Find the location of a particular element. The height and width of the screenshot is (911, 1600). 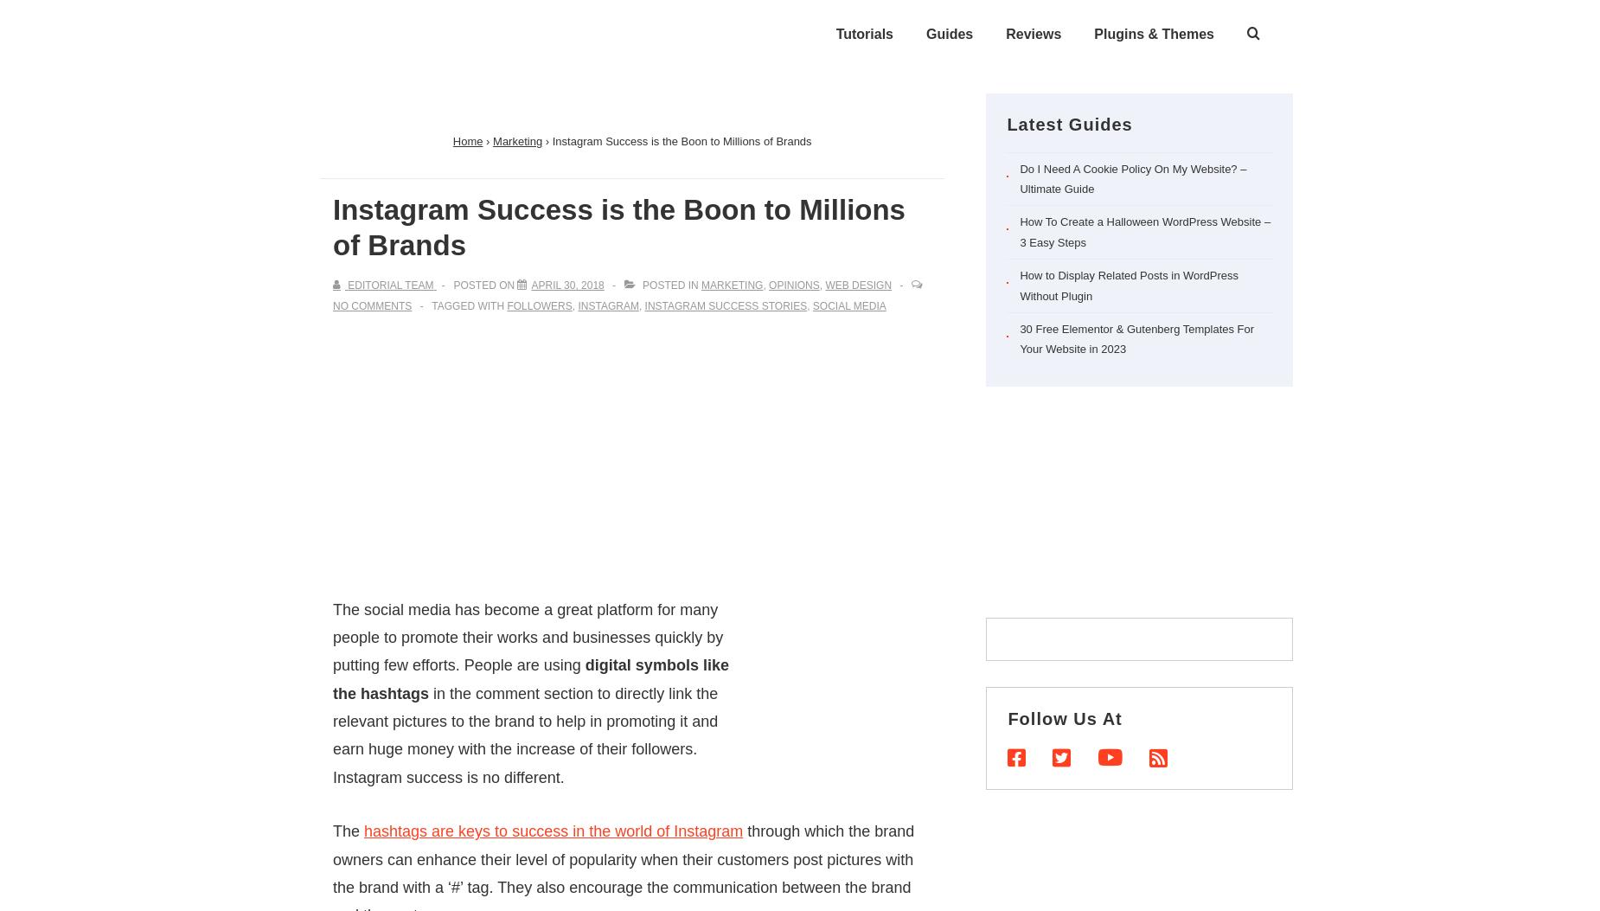

'Tagged with' is located at coordinates (469, 304).